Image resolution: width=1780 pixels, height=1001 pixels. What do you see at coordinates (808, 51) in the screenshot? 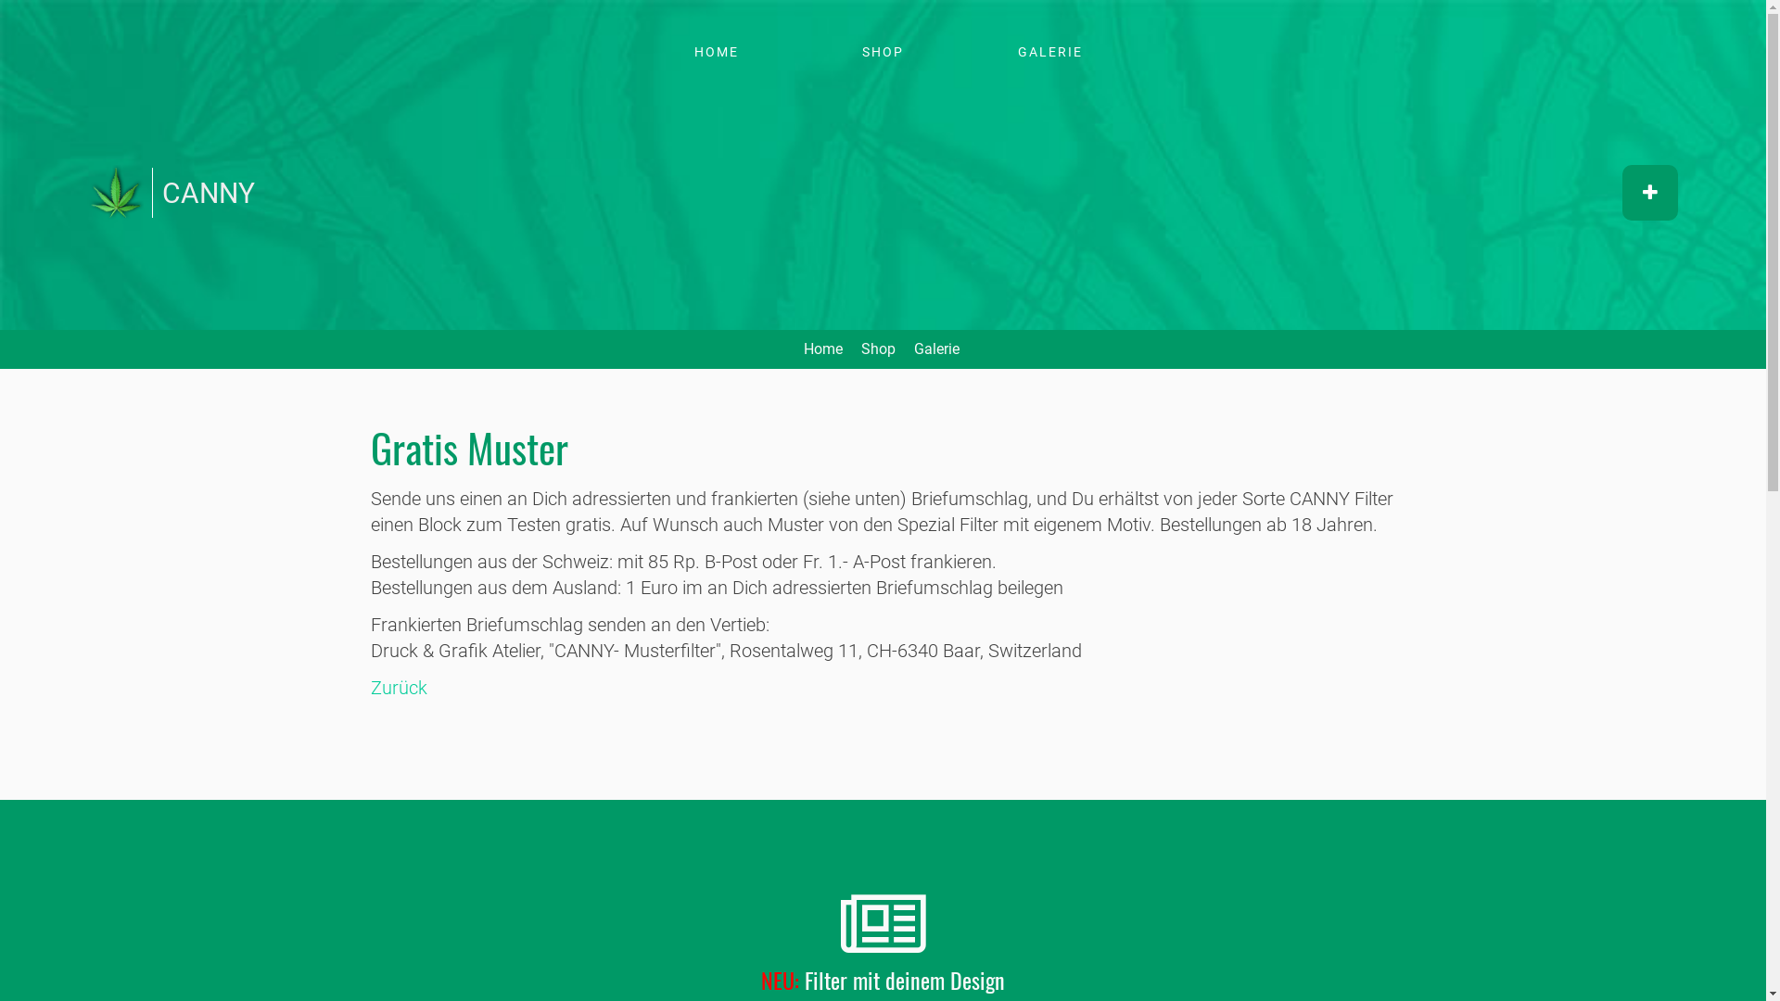
I see `'SHOP'` at bounding box center [808, 51].